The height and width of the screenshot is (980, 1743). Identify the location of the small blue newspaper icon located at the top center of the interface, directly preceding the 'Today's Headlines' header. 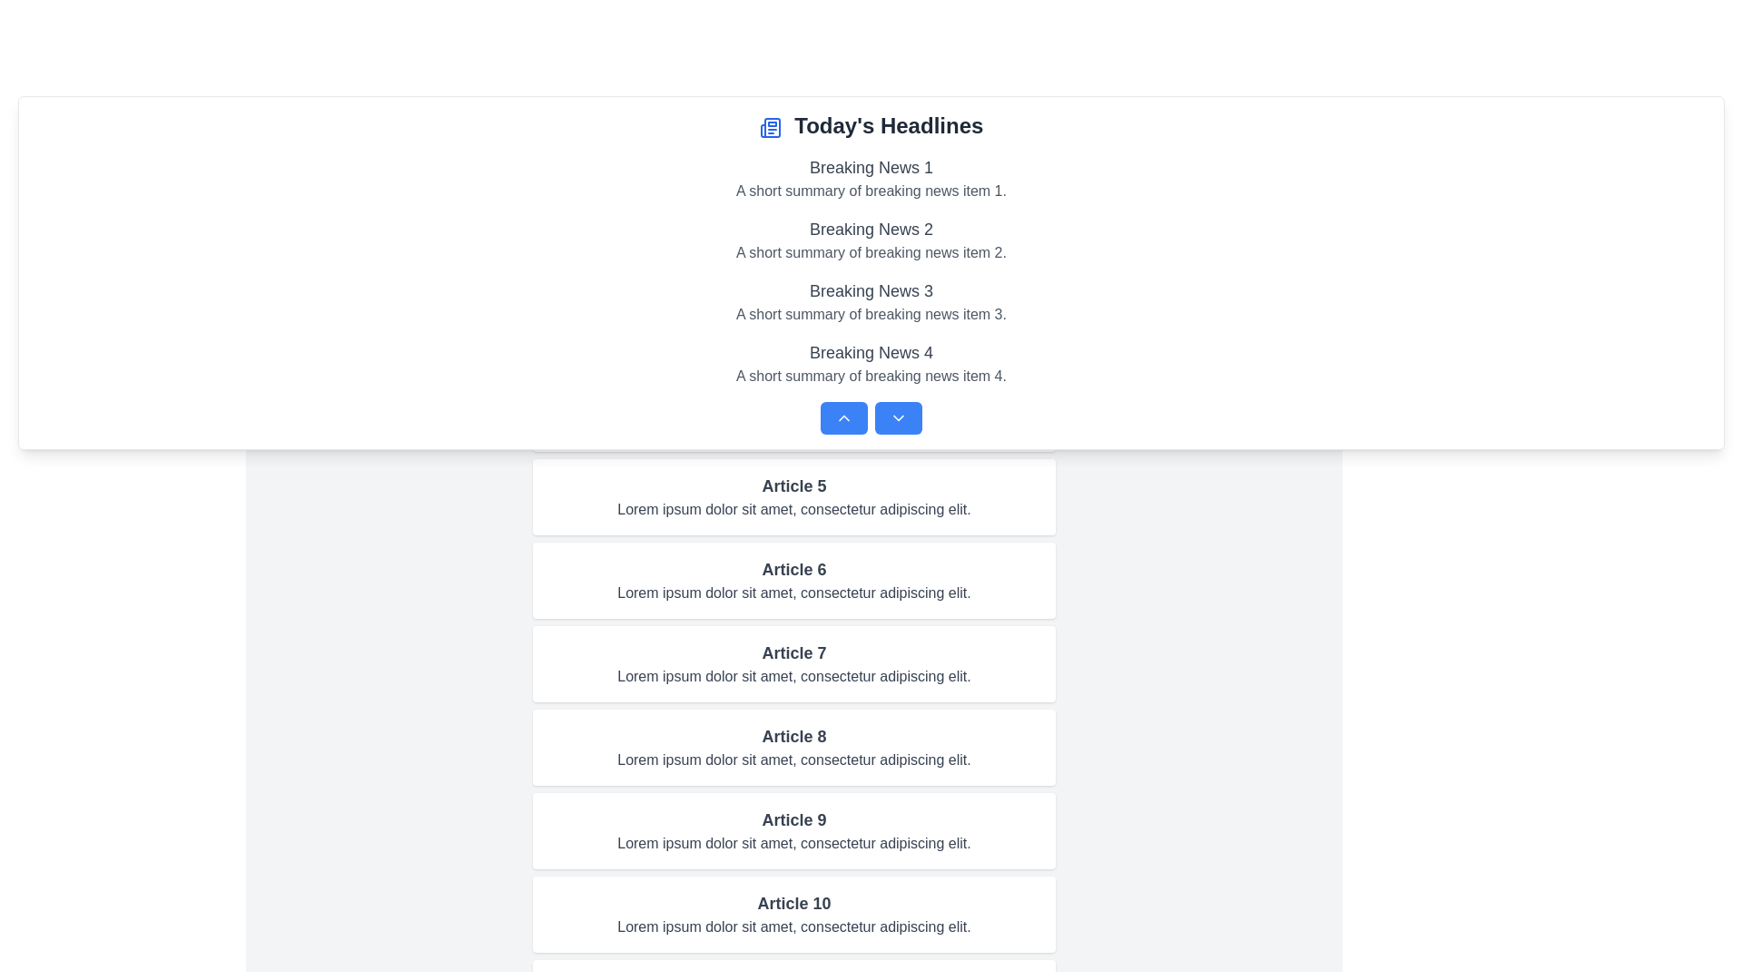
(770, 126).